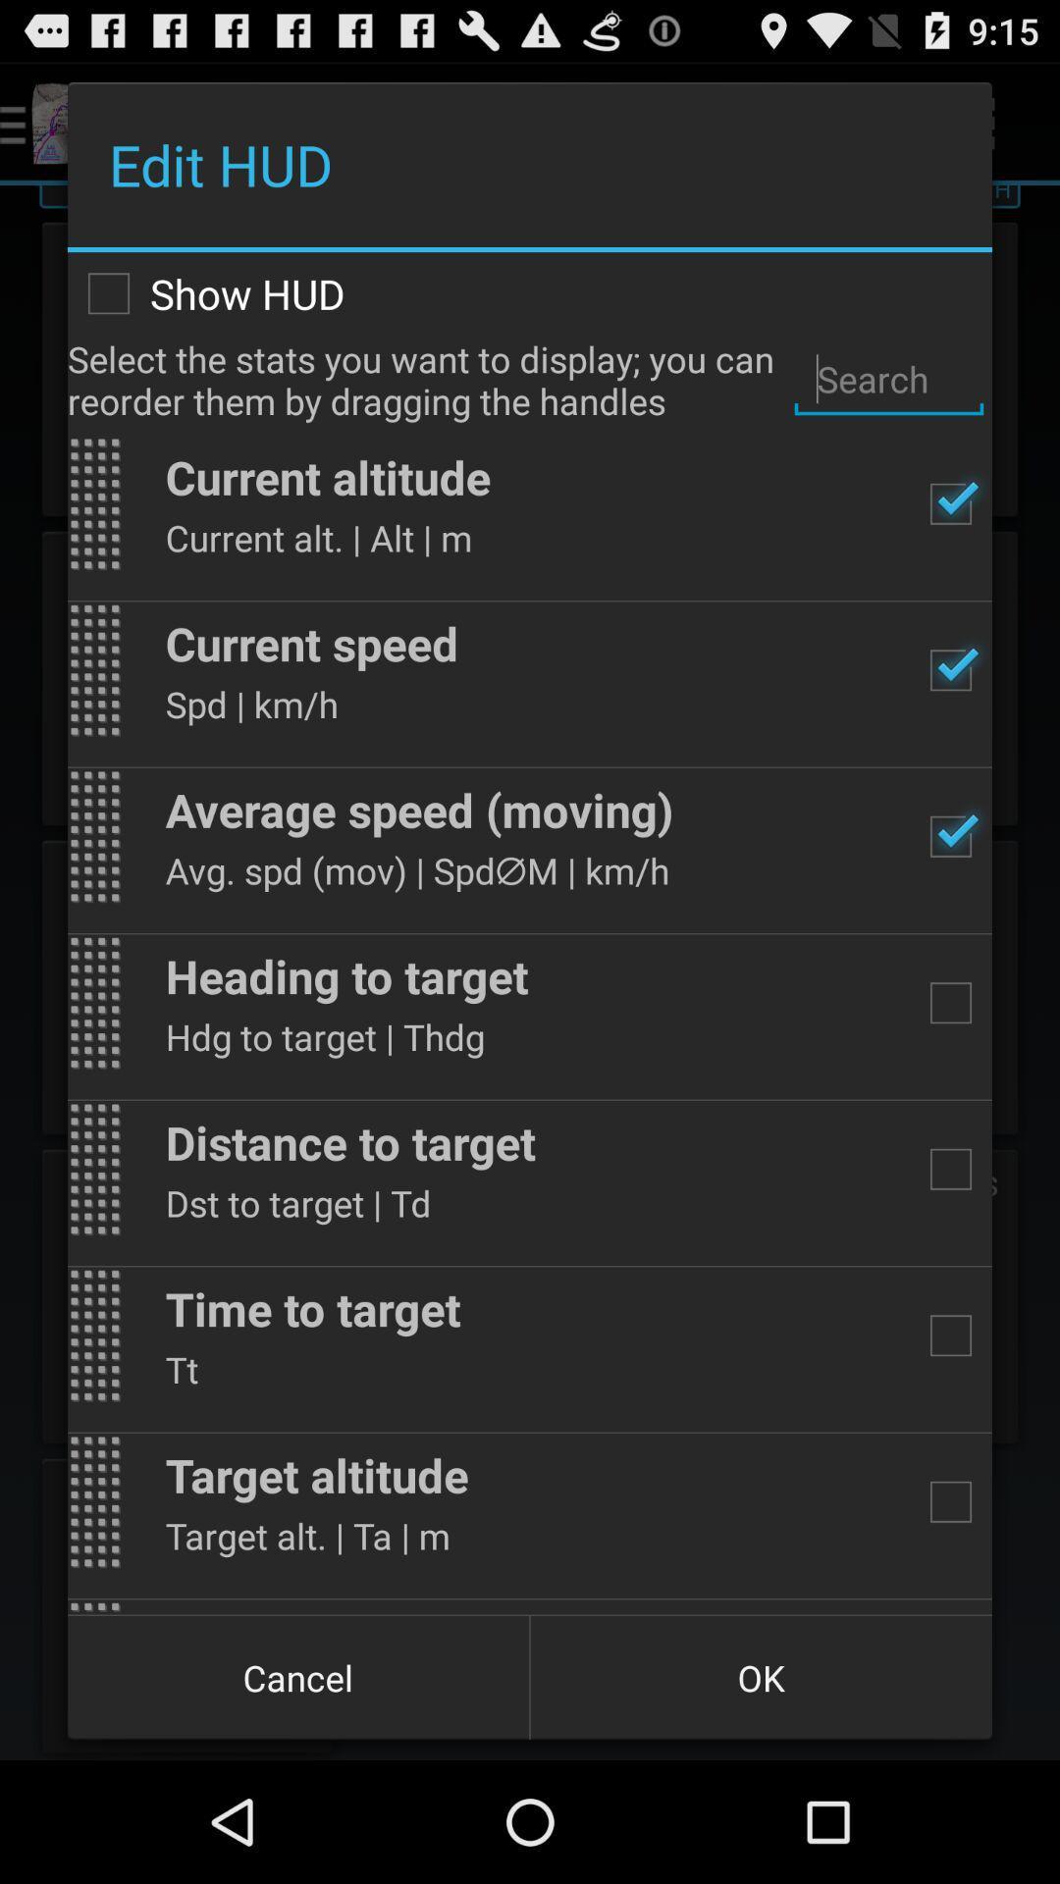  I want to click on cancel icon, so click(298, 1676).